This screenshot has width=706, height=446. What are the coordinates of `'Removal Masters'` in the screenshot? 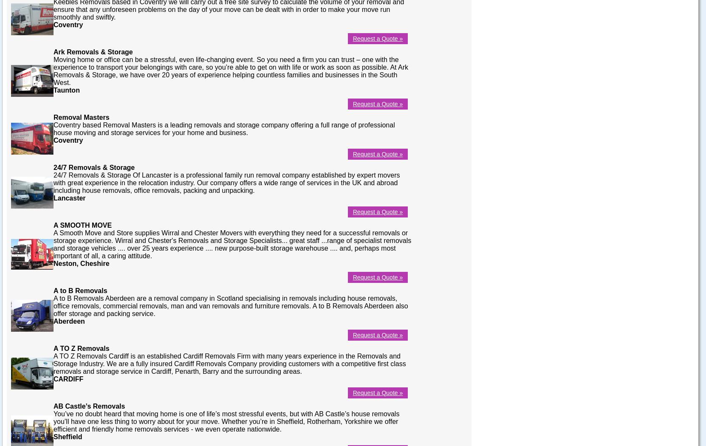 It's located at (81, 116).